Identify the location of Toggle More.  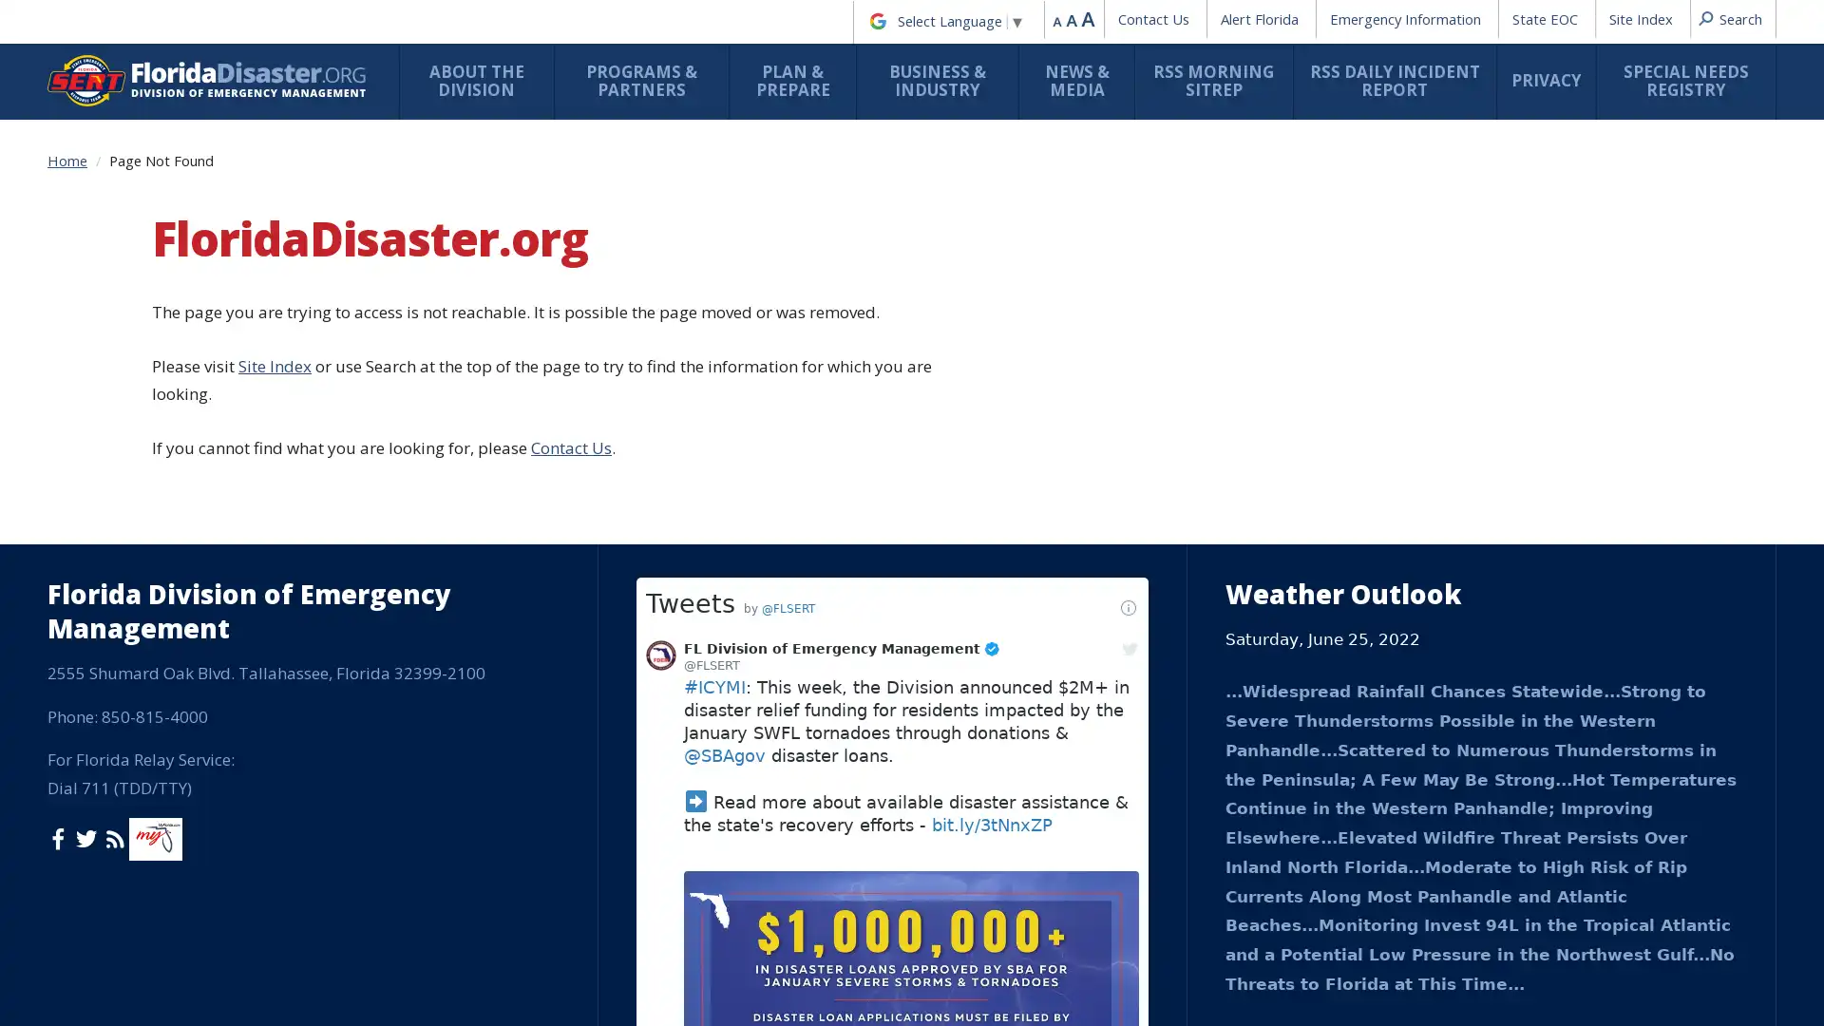
(761, 660).